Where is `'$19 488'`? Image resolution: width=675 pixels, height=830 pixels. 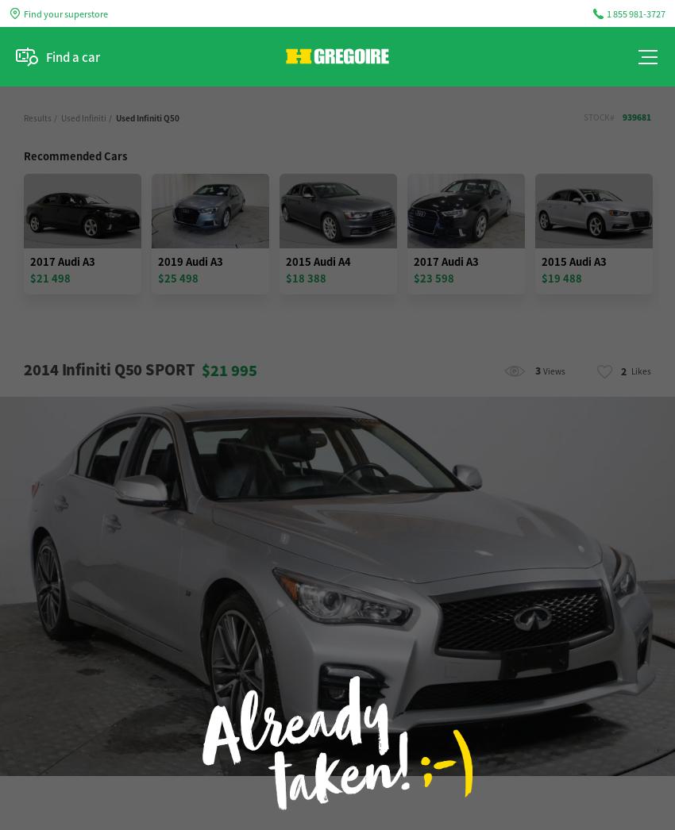
'$19 488' is located at coordinates (561, 277).